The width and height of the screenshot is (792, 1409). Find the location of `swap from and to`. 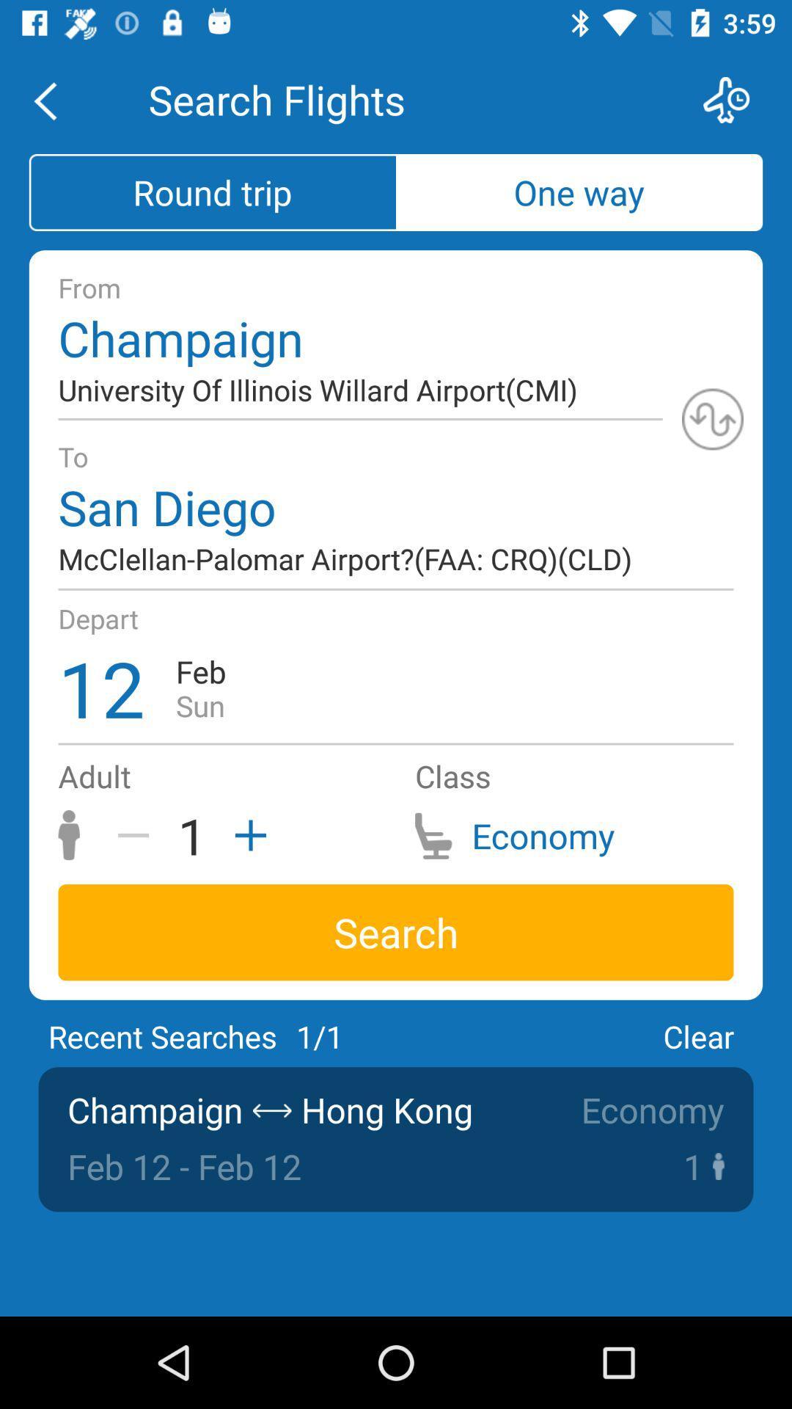

swap from and to is located at coordinates (712, 418).